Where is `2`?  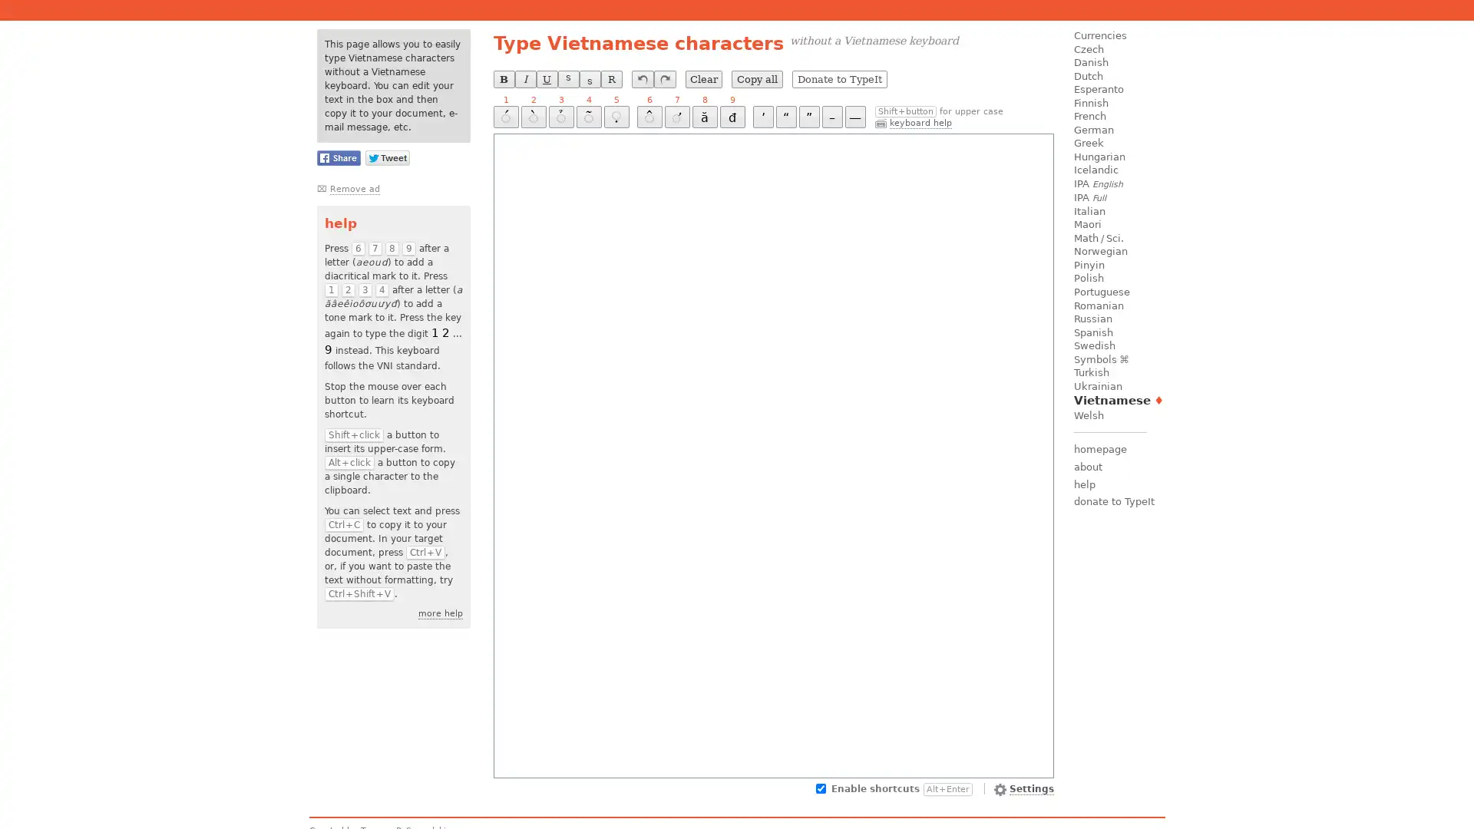
2 is located at coordinates (533, 116).